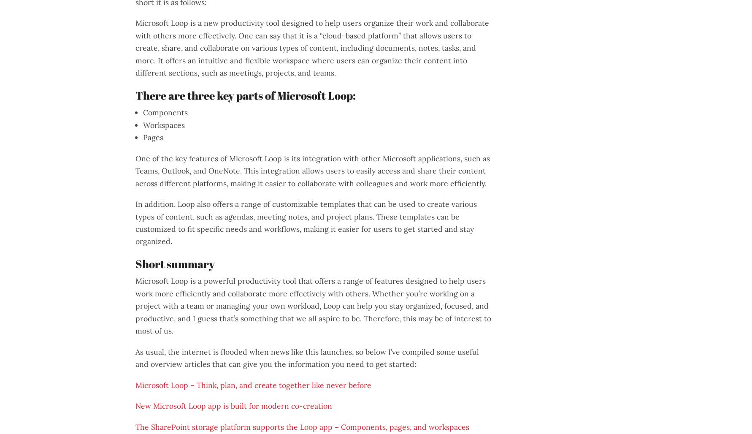 The height and width of the screenshot is (434, 752). What do you see at coordinates (312, 47) in the screenshot?
I see `'Microsoft Loop is a new productivity tool designed to help users organize their work and collaborate with others more effectively. One can say that it is a “cloud-based platform” that allows users to create, share, and collaborate on various types of content, including documents, notes, tasks, and more. It offers an intuitive and flexible workspace where users can organize their content into different sections, such as meetings, projects, and teams.'` at bounding box center [312, 47].